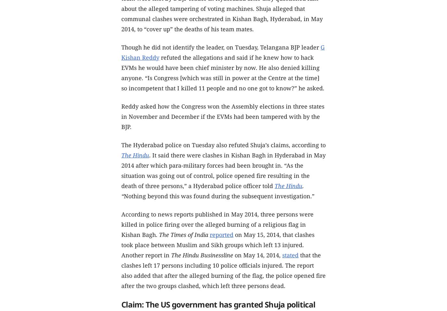 The width and height of the screenshot is (447, 311). What do you see at coordinates (221, 46) in the screenshot?
I see `'Though he did not identify the leader, on Tuesday, Telangana BJP leader'` at bounding box center [221, 46].